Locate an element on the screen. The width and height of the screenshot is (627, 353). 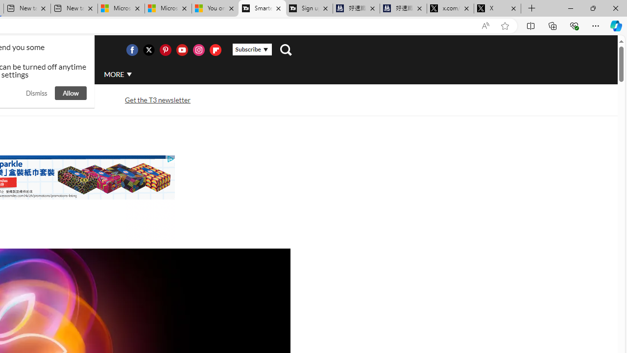
'Get the T3 newsletter' is located at coordinates (158, 100).